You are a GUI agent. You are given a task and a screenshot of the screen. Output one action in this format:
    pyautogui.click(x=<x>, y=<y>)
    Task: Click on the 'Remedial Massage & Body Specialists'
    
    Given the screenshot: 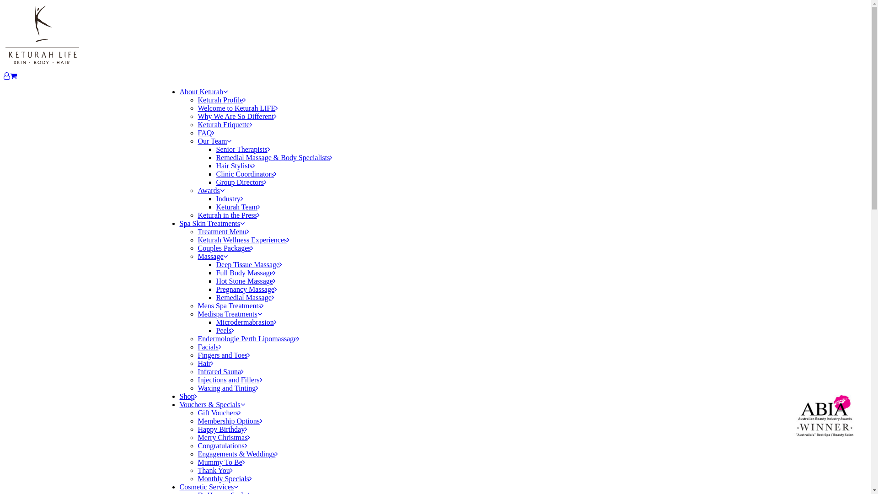 What is the action you would take?
    pyautogui.click(x=273, y=157)
    